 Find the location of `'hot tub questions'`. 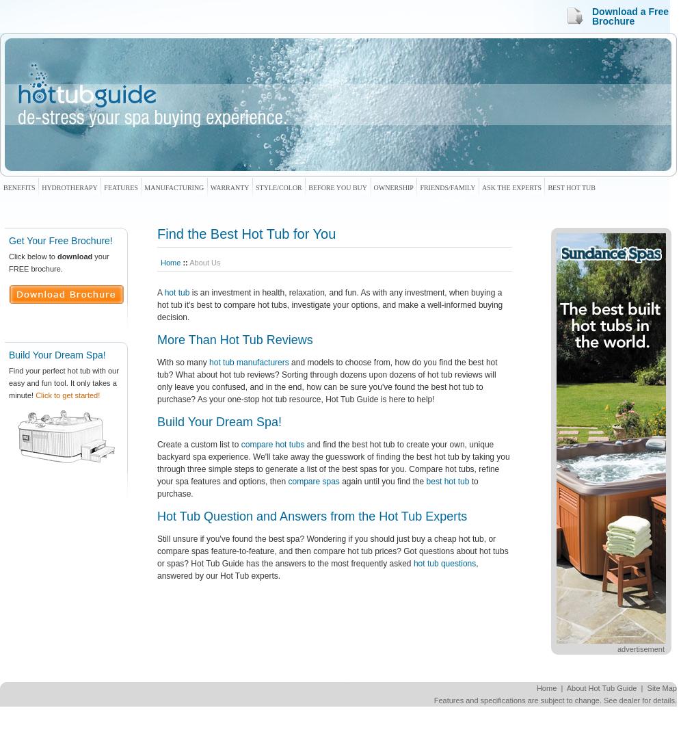

'hot tub questions' is located at coordinates (412, 562).